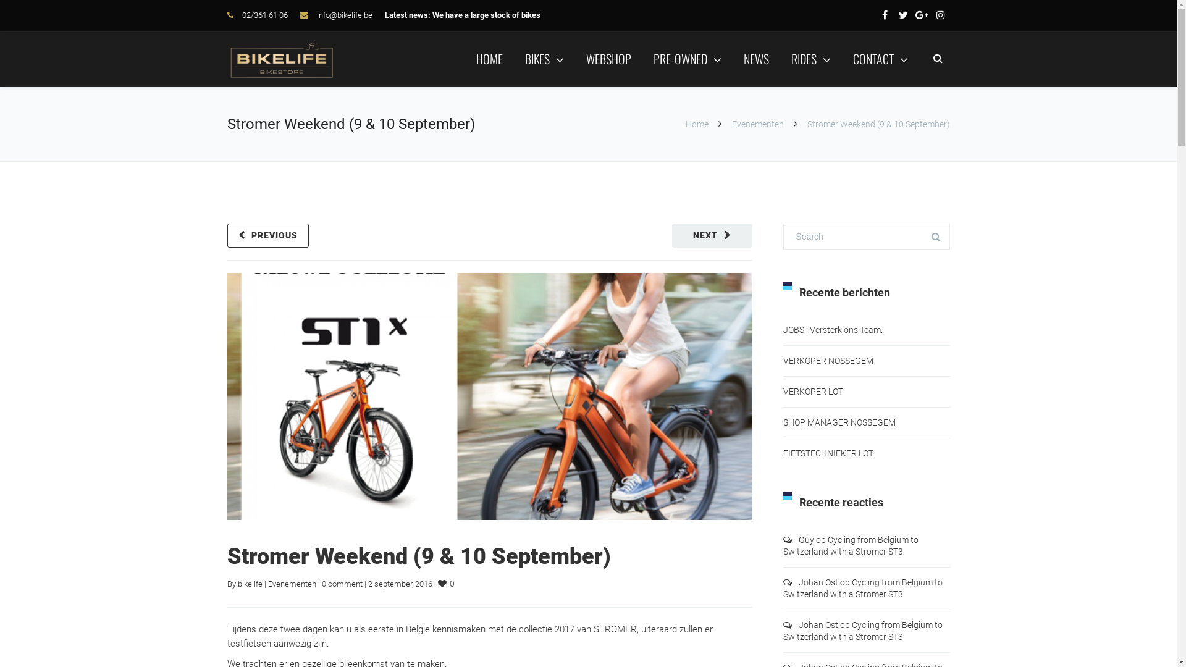 The image size is (1186, 667). I want to click on 'BIKES', so click(524, 59).